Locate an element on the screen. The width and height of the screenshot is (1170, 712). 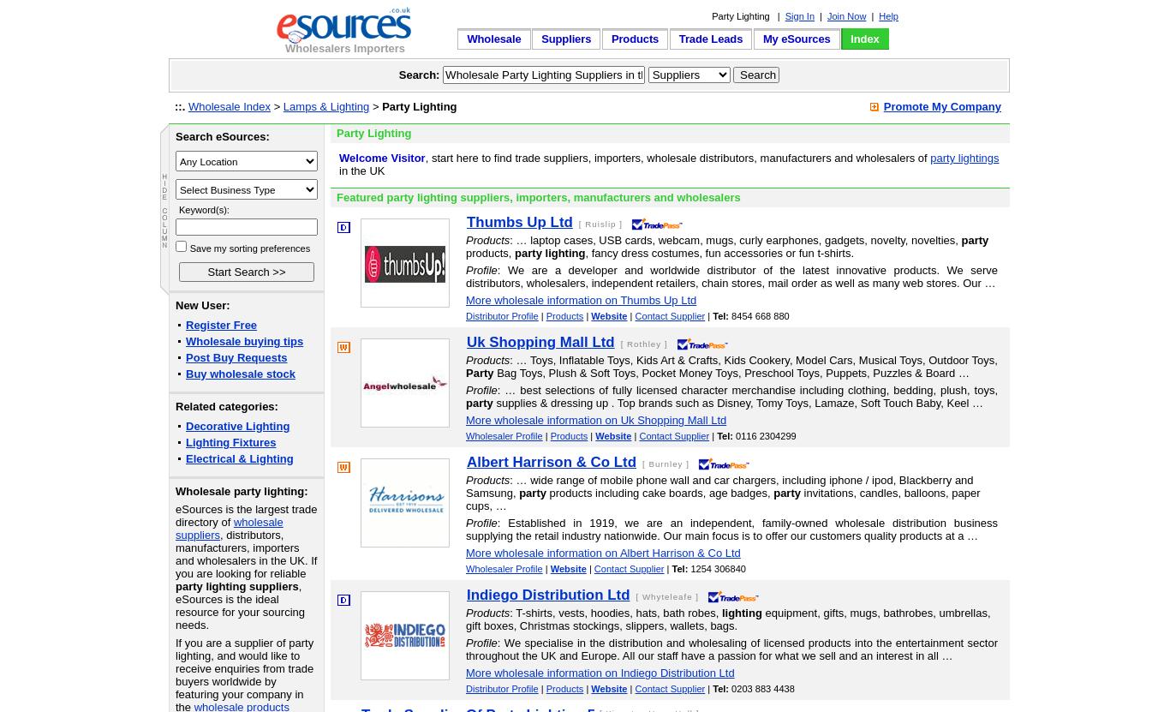
'My eSources' is located at coordinates (796, 39).